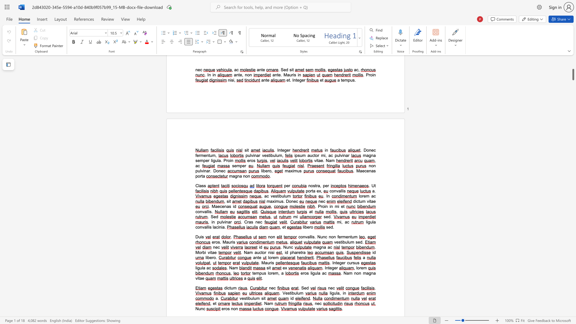 The height and width of the screenshot is (324, 576). Describe the element at coordinates (296, 252) in the screenshot. I see `the 1th character "a" in the text` at that location.